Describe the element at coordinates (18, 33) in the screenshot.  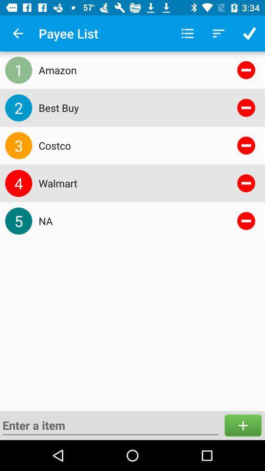
I see `item to the left of the payee list` at that location.